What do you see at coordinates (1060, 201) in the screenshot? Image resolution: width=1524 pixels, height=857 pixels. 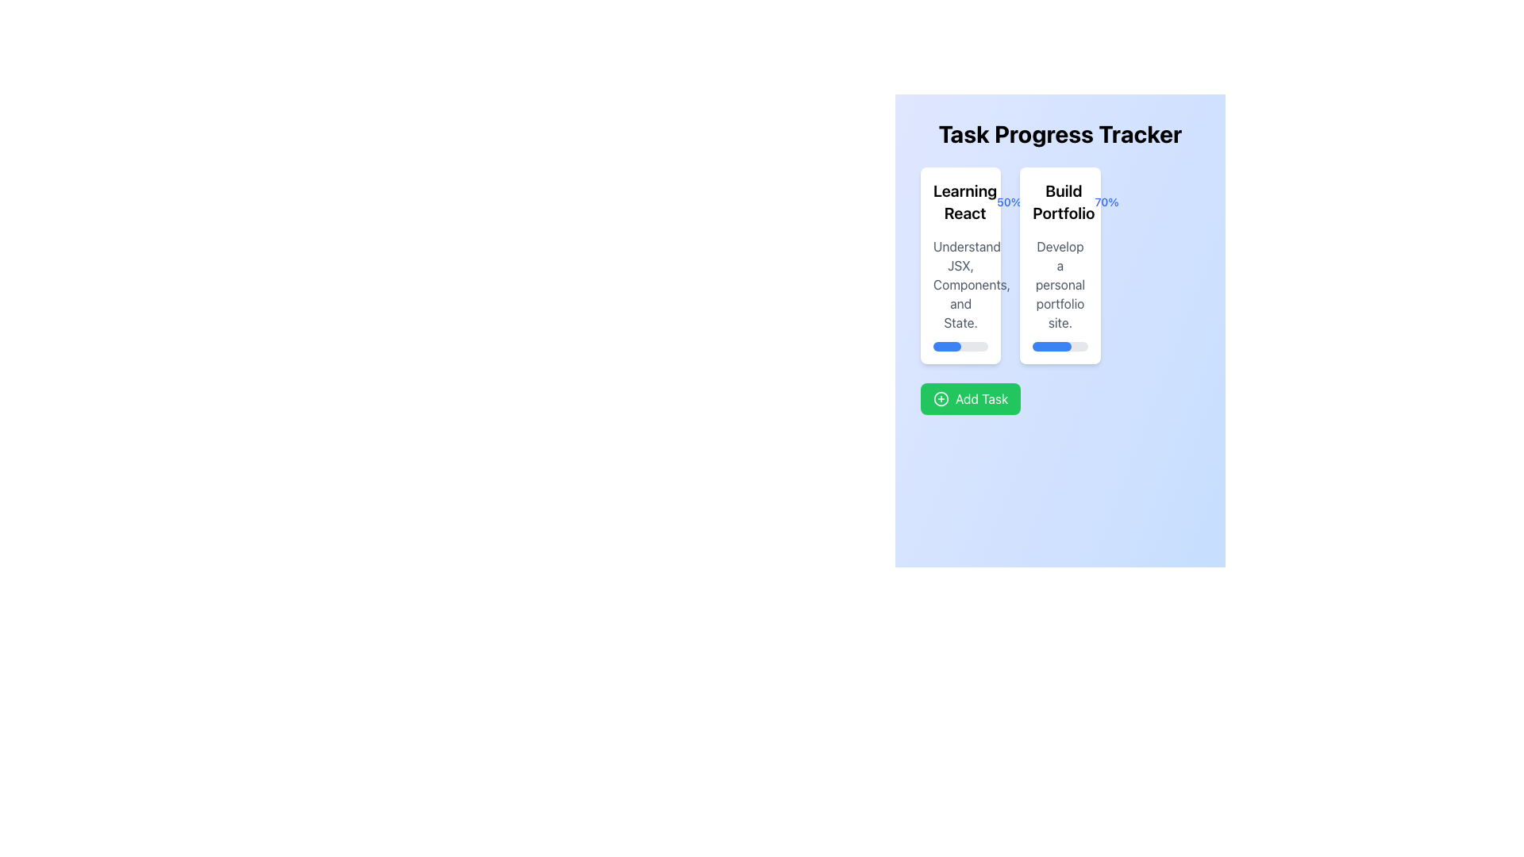 I see `the text label that displays 'Build' in bold and 'Portfolio' in regular font, which is positioned above a progress bar and below a subtitle in the middle column of the layout` at bounding box center [1060, 201].